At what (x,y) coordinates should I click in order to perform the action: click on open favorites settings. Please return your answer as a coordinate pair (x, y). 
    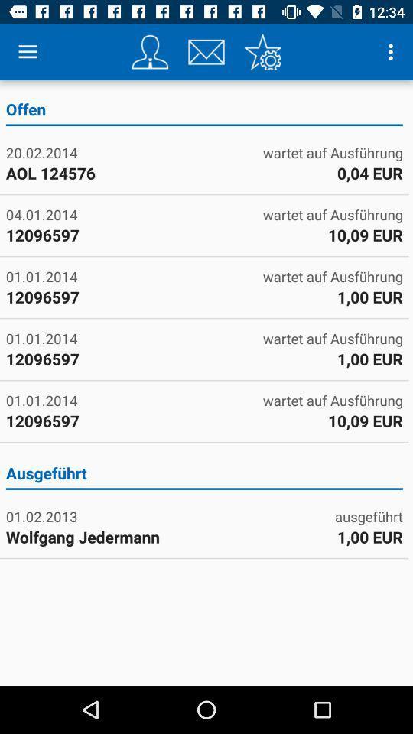
    Looking at the image, I should click on (262, 52).